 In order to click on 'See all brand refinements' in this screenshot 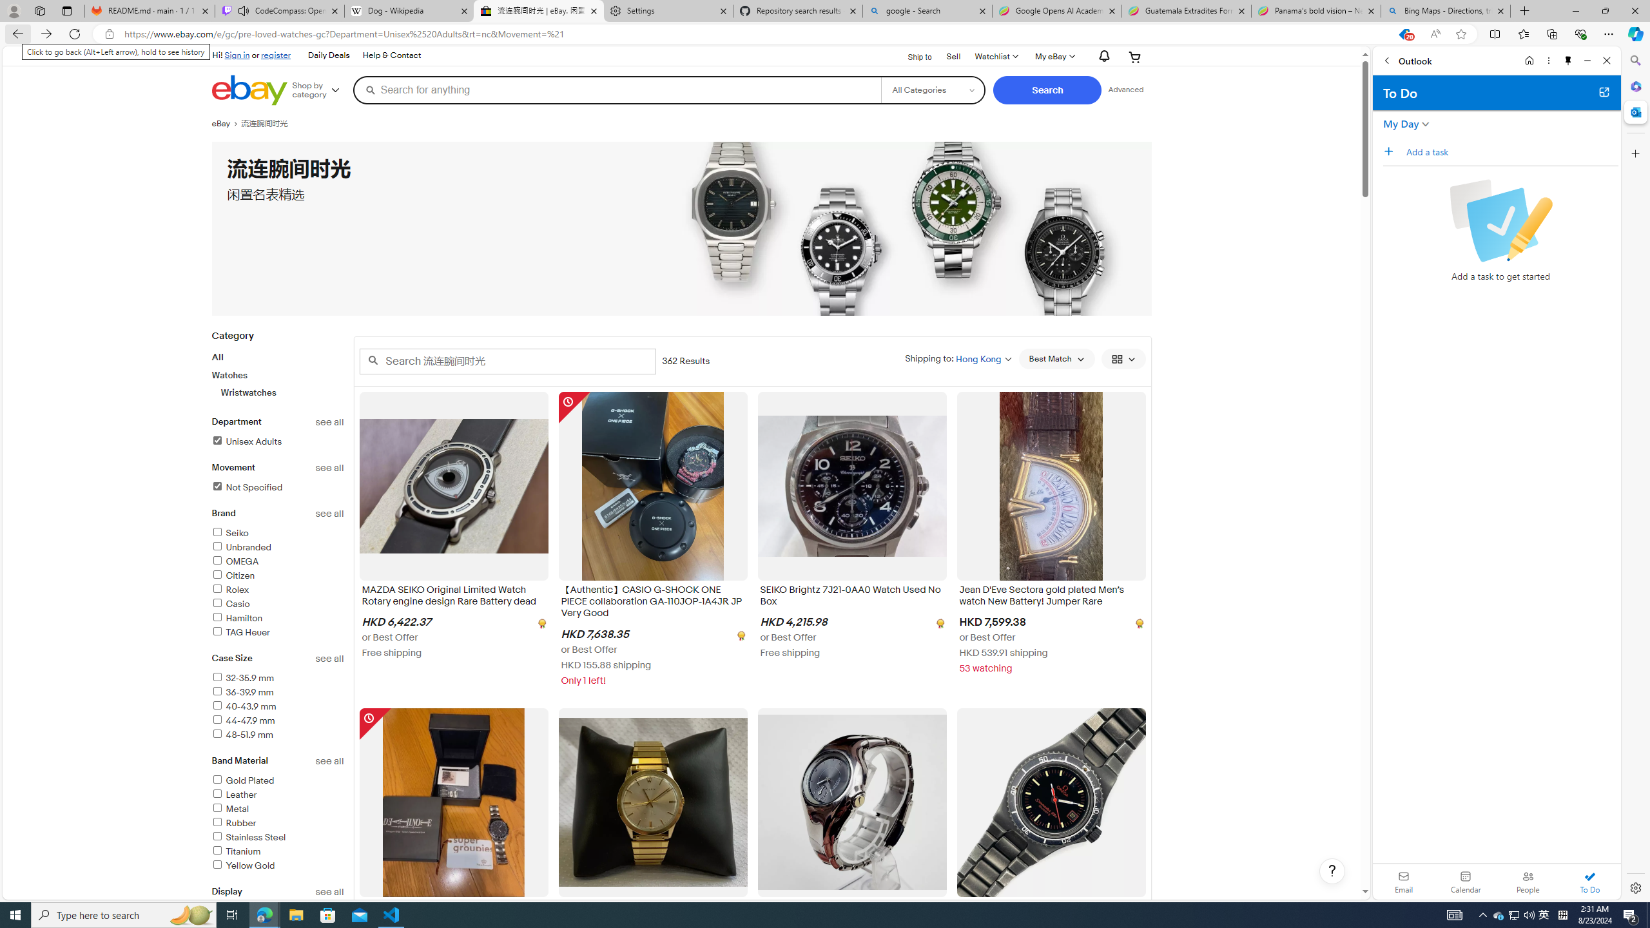, I will do `click(329, 513)`.